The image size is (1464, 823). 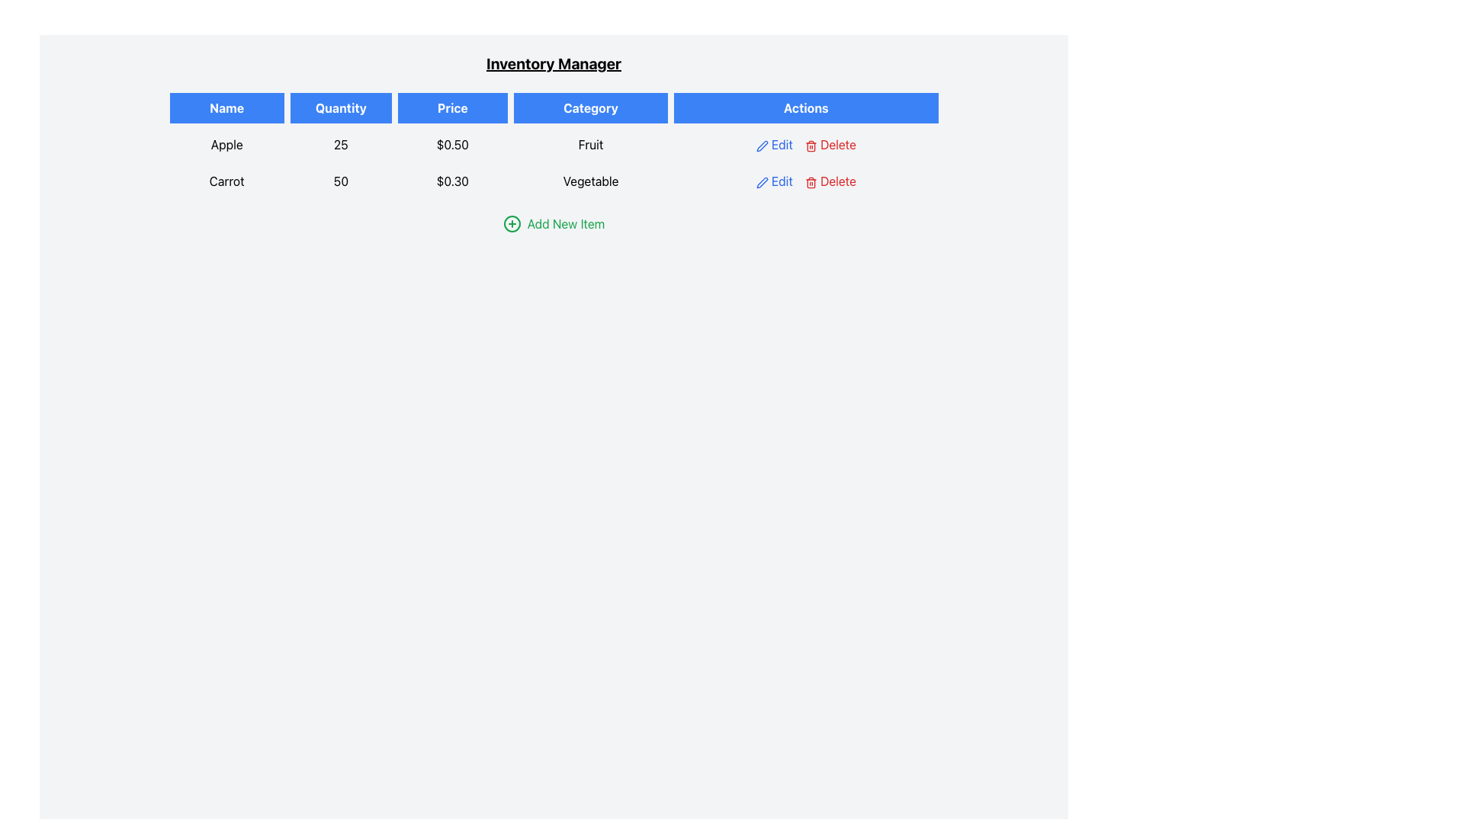 What do you see at coordinates (830, 181) in the screenshot?
I see `the second 'Delete' button in the 'Actions' column of the table, which is red-colored with a trash can icon` at bounding box center [830, 181].